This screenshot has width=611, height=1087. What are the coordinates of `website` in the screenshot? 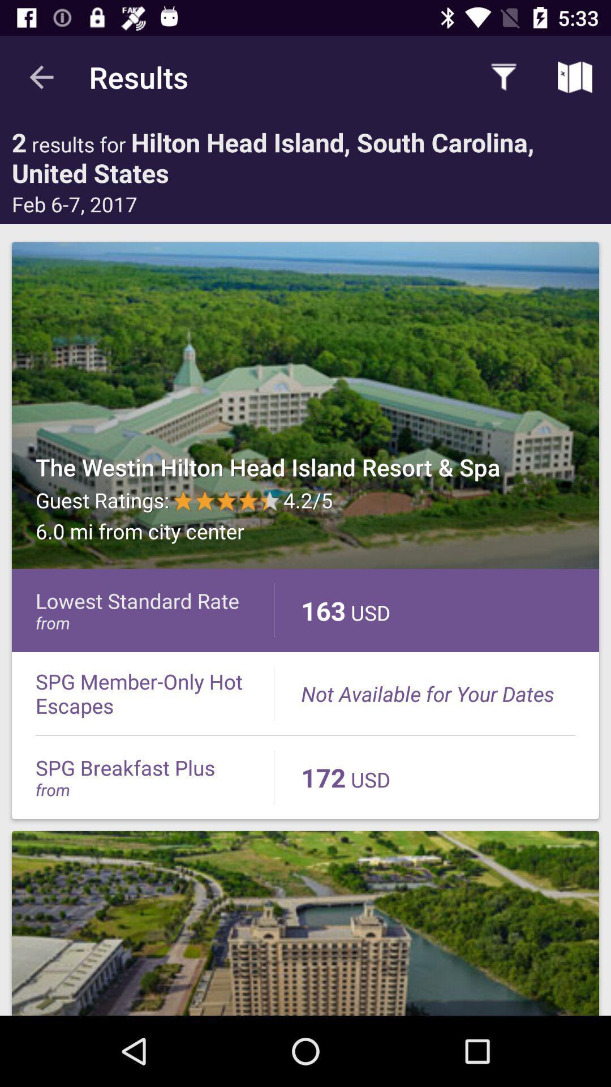 It's located at (305, 923).